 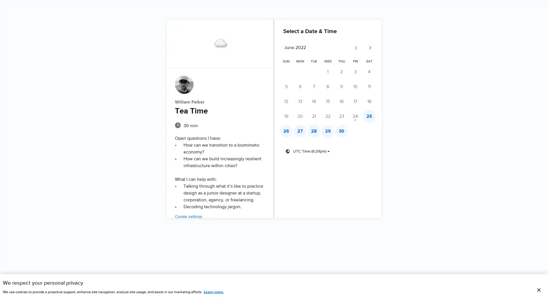 I want to click on Sunday, June 5 - No times available, so click(x=286, y=87).